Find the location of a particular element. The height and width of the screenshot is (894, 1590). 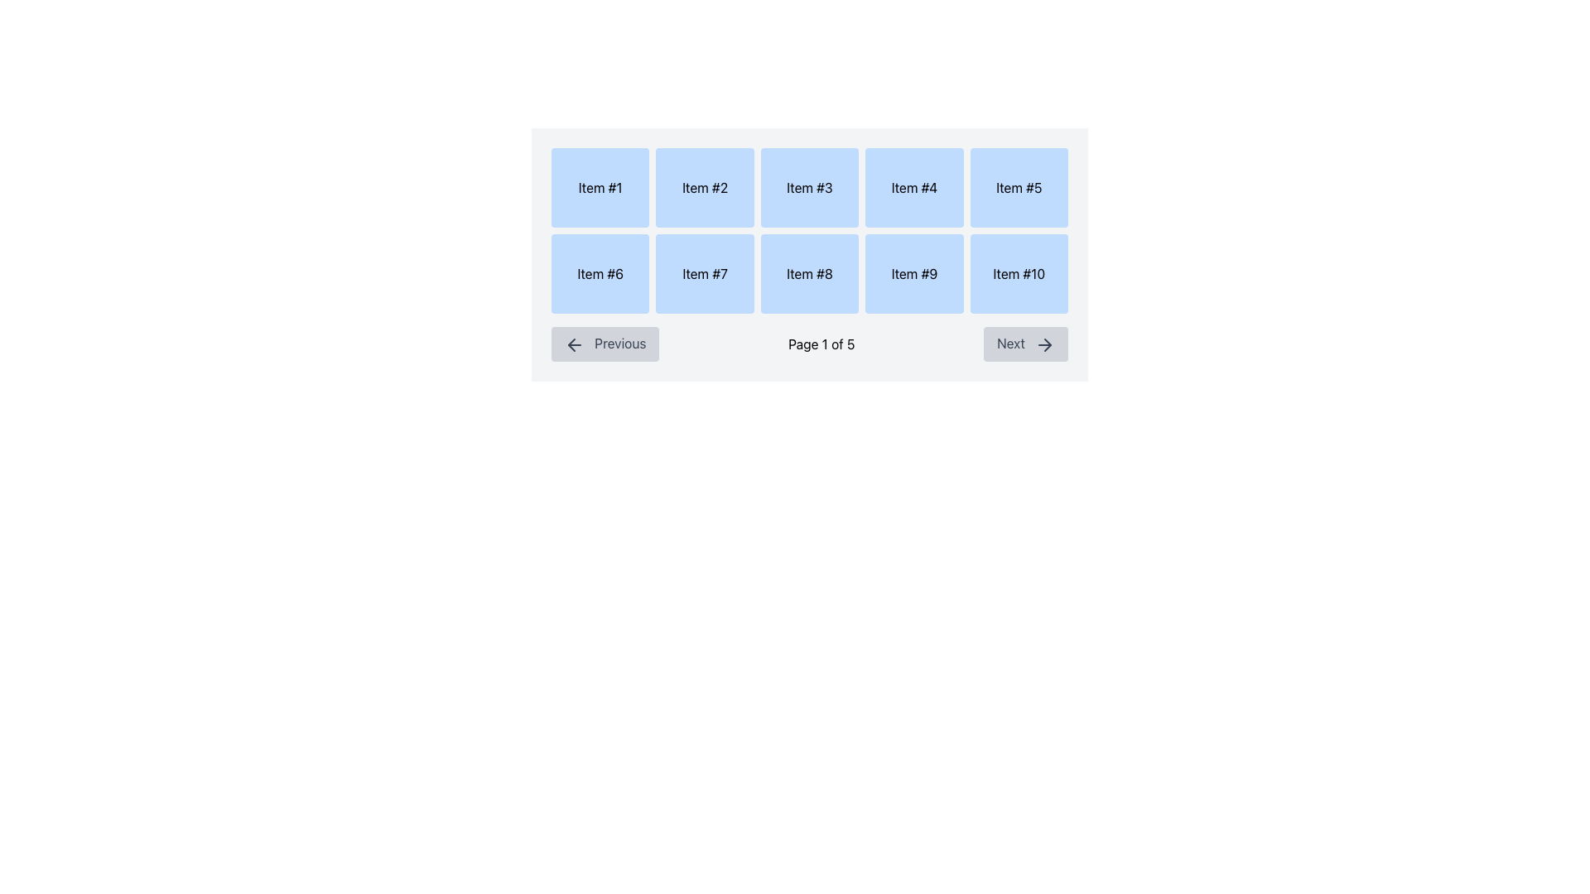

the static label located in the second row and third column within the grid layout, which serves as an identifier for an item is located at coordinates (810, 273).